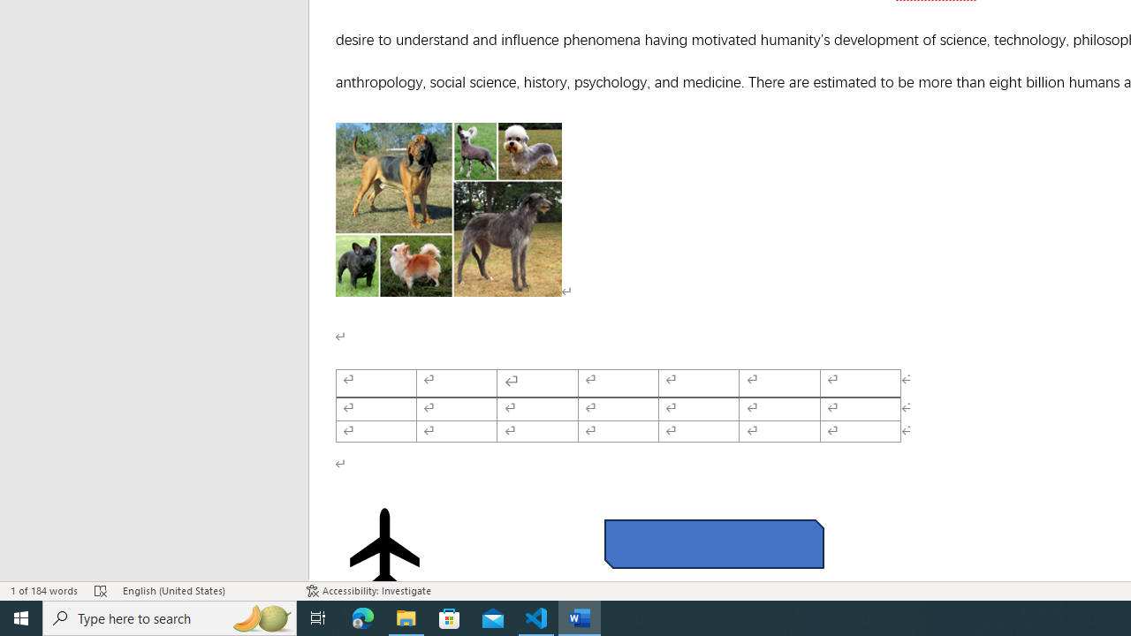 Image resolution: width=1131 pixels, height=636 pixels. What do you see at coordinates (205, 591) in the screenshot?
I see `'Language English (United States)'` at bounding box center [205, 591].